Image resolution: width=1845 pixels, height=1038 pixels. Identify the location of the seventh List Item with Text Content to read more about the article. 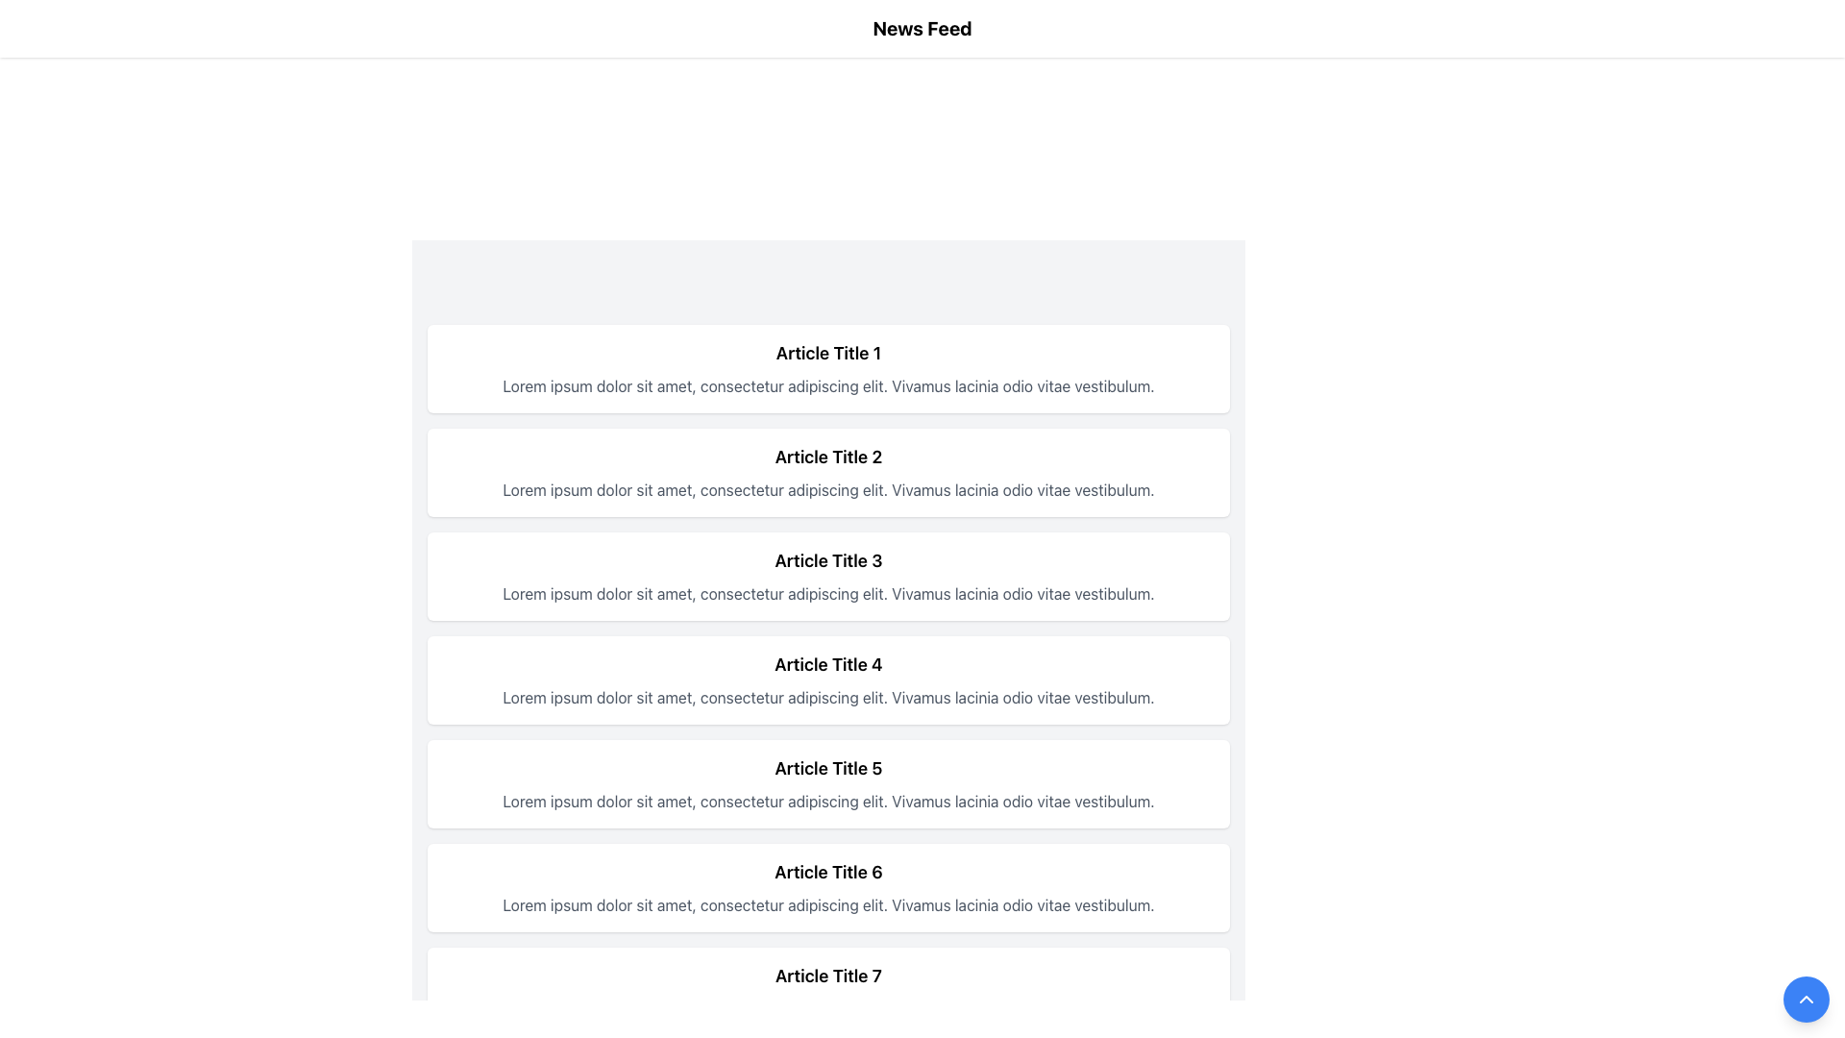
(828, 992).